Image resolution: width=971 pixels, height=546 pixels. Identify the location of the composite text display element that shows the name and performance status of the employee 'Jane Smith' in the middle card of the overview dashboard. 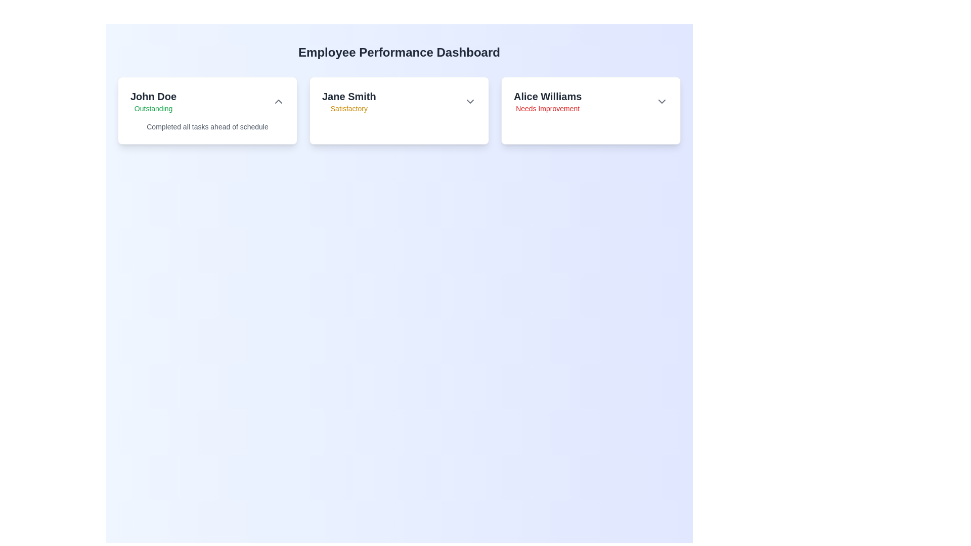
(349, 101).